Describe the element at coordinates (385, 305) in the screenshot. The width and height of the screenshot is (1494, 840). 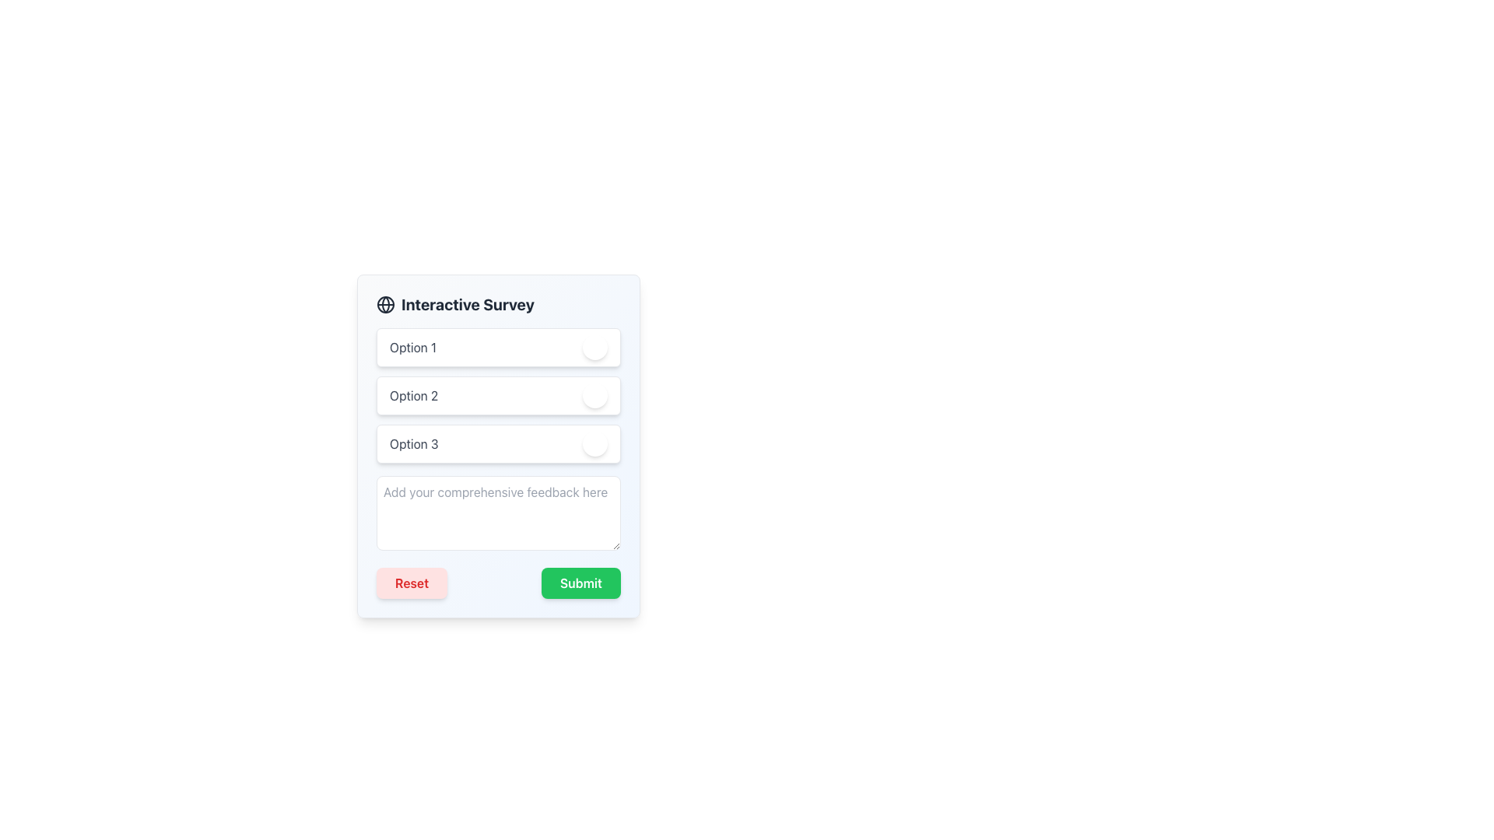
I see `the circle element that is part of the globe icon, located in the top-left quadrant near the title 'Interactive Survey'` at that location.